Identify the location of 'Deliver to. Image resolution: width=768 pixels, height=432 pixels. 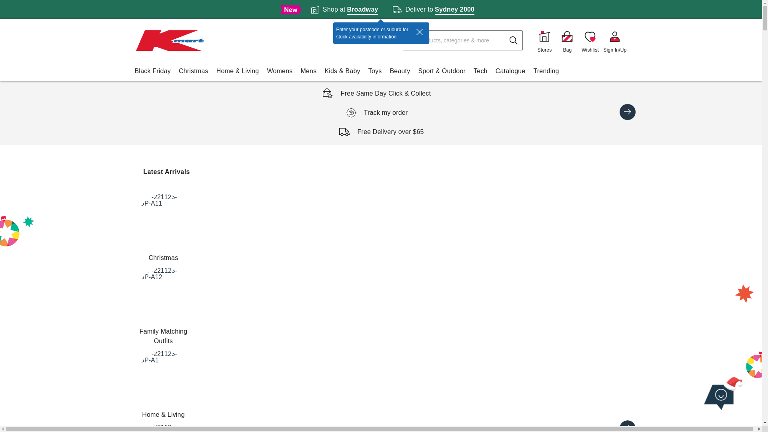
(433, 9).